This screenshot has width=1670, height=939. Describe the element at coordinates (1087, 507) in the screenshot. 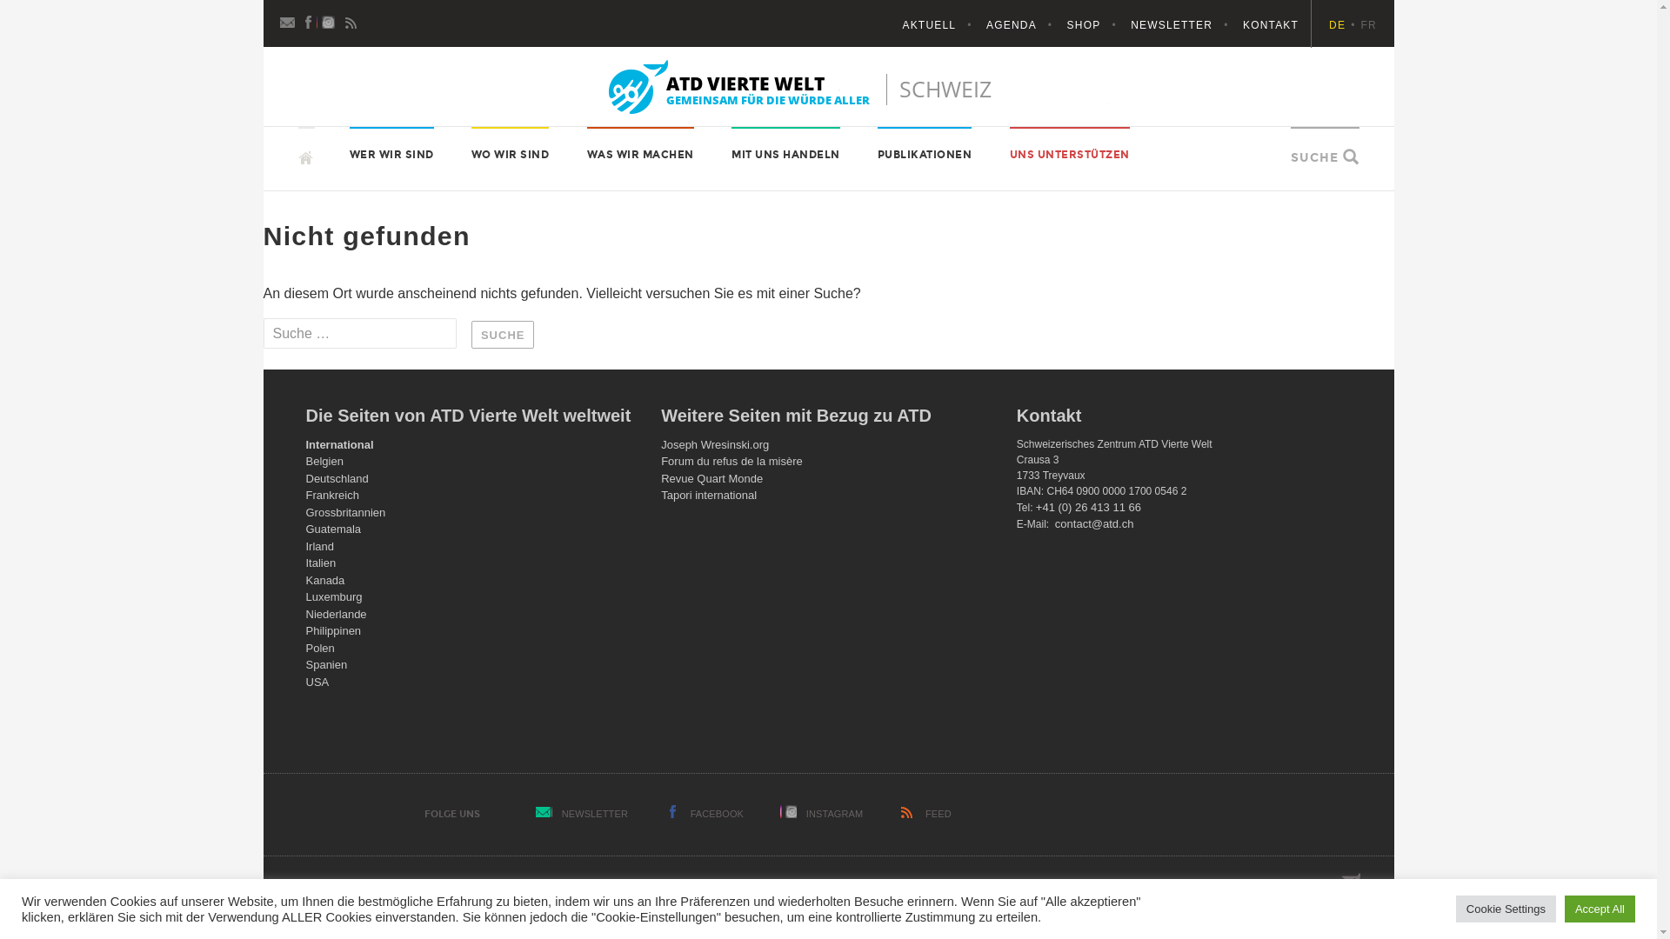

I see `'+41 (0) 26 413 11 66'` at that location.